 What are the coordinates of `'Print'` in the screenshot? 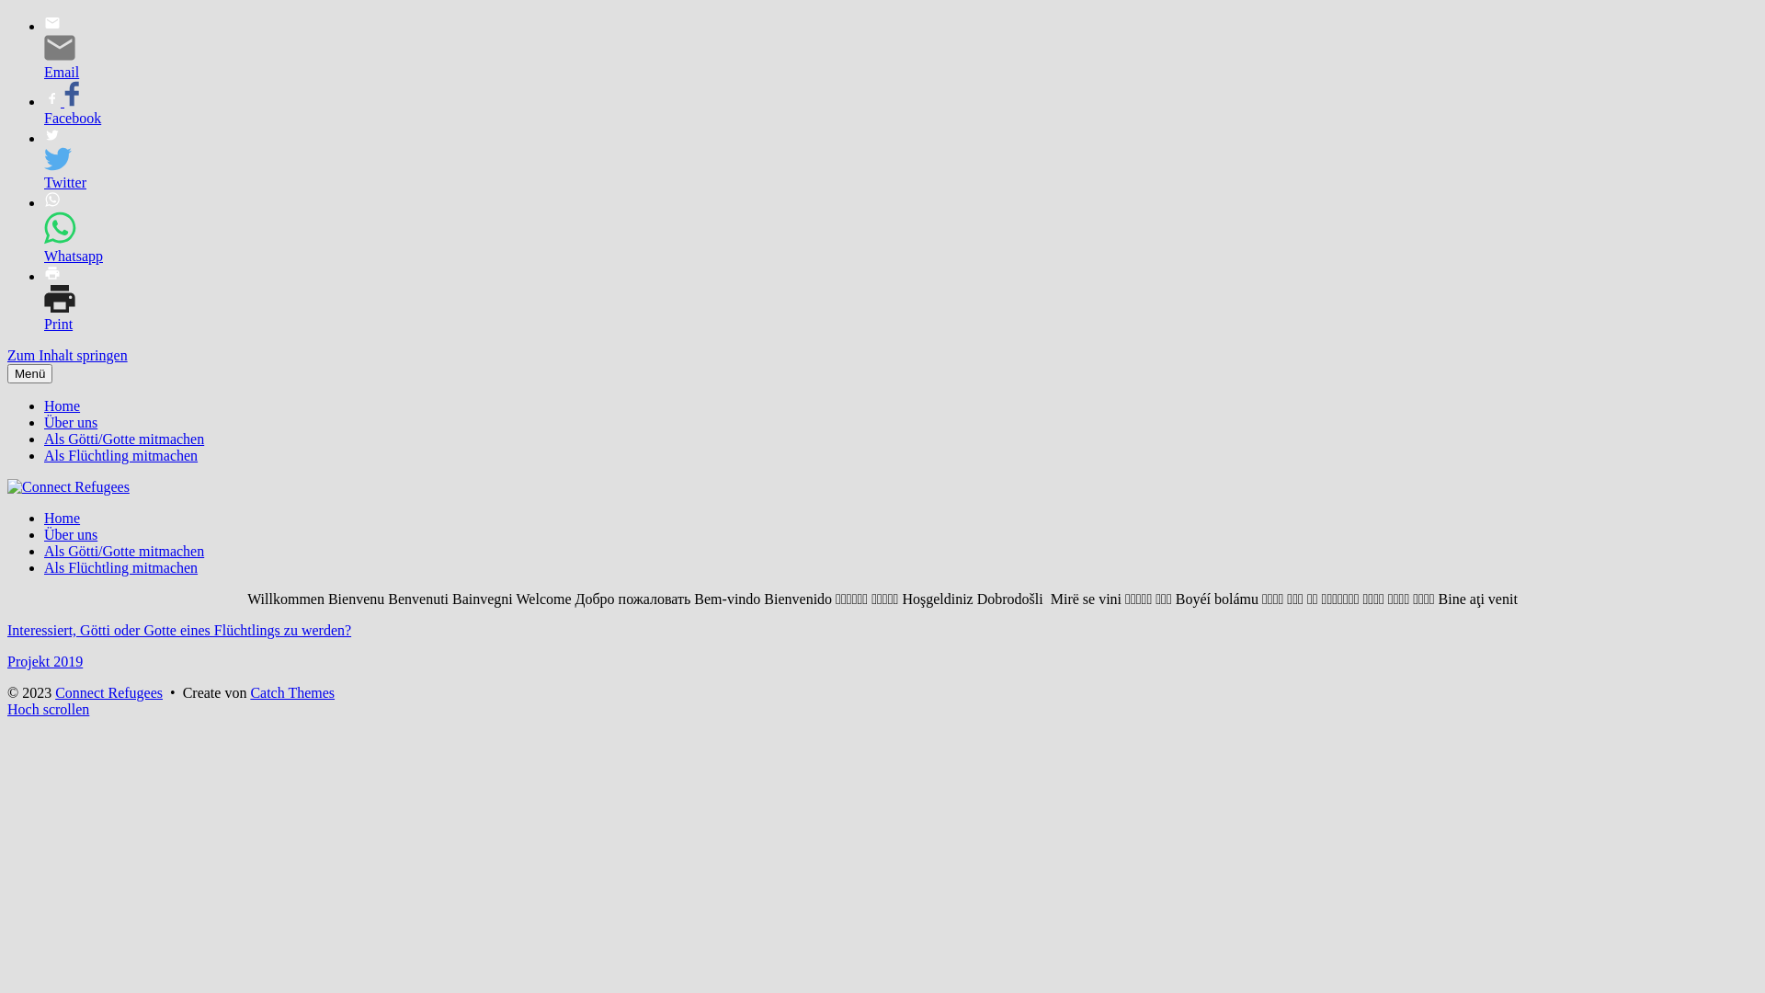 It's located at (66, 300).